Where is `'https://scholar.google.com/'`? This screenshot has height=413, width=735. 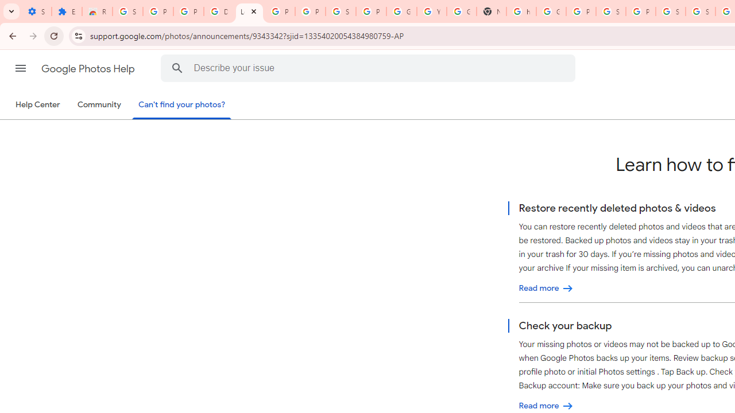
'https://scholar.google.com/' is located at coordinates (521, 11).